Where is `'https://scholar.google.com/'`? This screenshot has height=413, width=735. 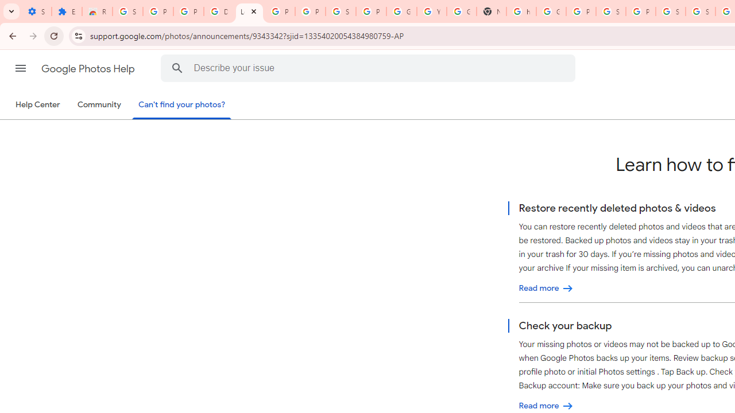
'https://scholar.google.com/' is located at coordinates (521, 11).